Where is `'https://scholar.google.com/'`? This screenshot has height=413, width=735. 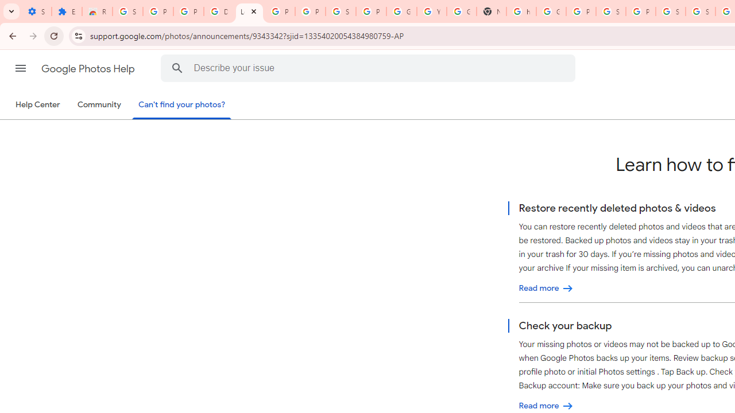
'https://scholar.google.com/' is located at coordinates (521, 11).